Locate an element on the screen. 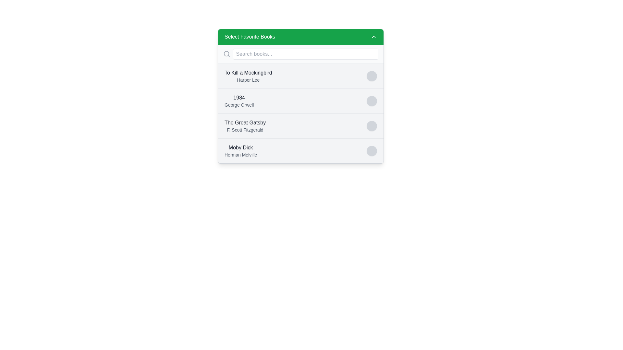 Image resolution: width=623 pixels, height=350 pixels. the chevron icon at the top right corner of the 'Select Favorite Books' title bar is located at coordinates (374, 37).